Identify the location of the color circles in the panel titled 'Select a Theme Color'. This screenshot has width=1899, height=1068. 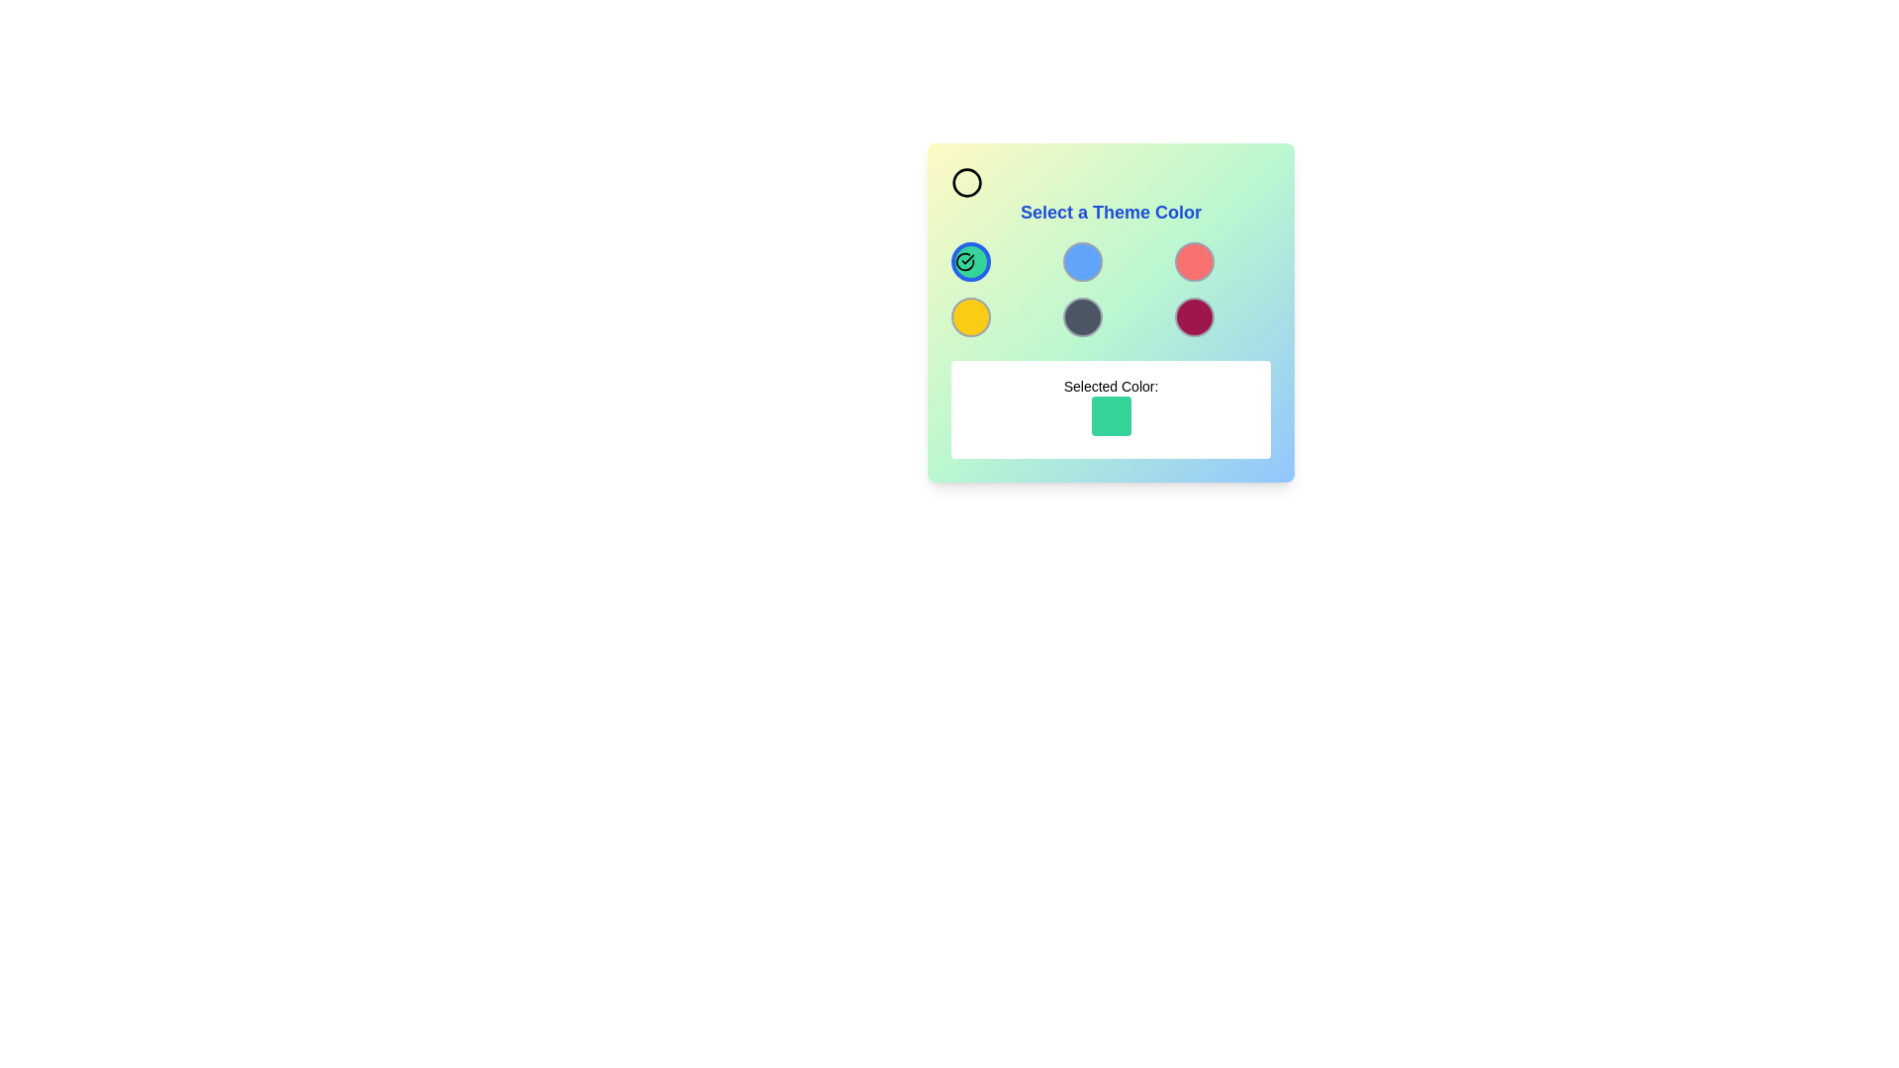
(1111, 311).